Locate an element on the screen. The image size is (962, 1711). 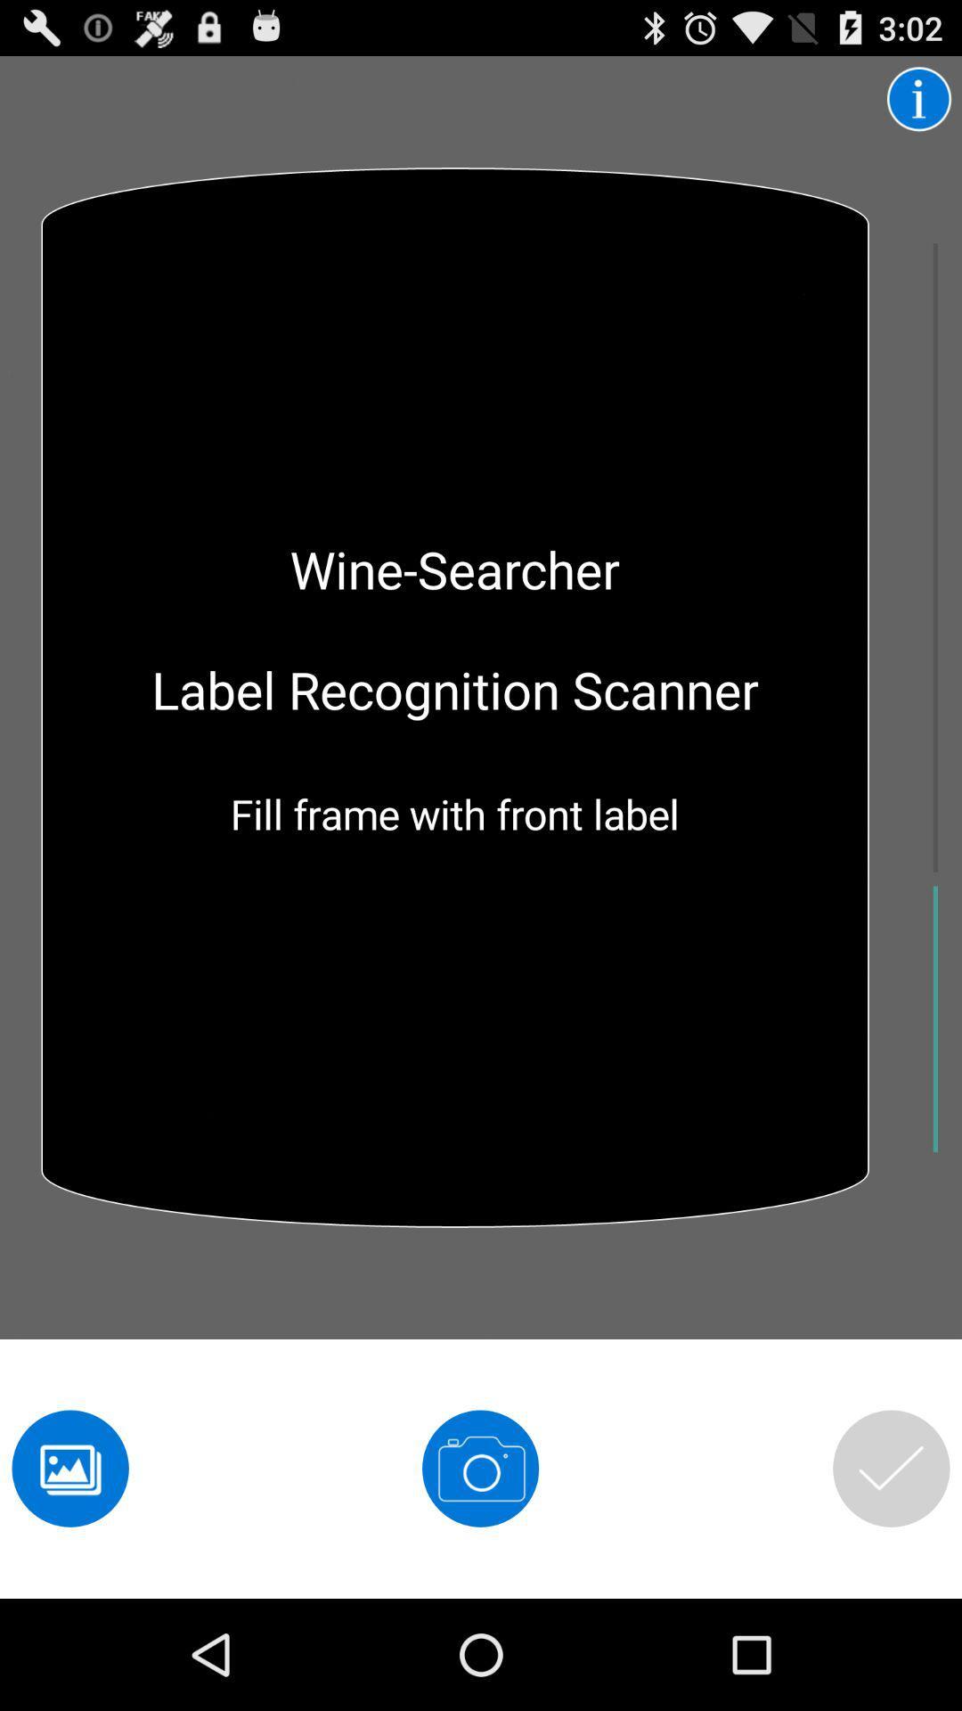
the photo icon is located at coordinates (479, 1571).